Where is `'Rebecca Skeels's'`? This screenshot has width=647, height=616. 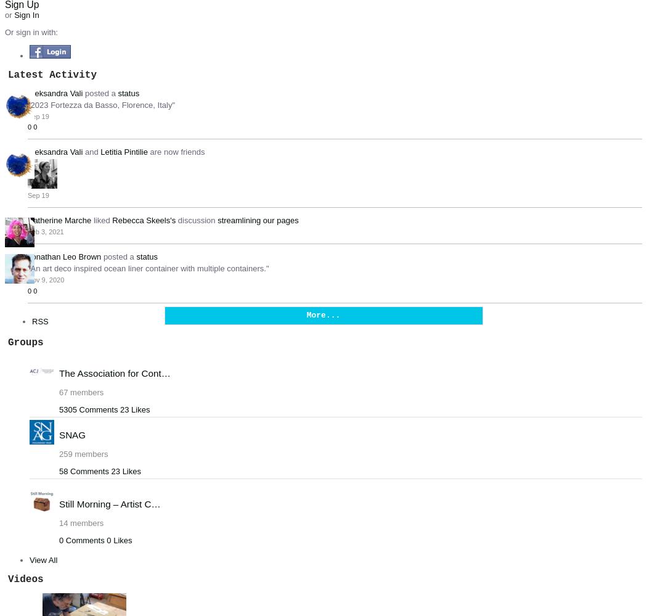 'Rebecca Skeels's' is located at coordinates (144, 220).